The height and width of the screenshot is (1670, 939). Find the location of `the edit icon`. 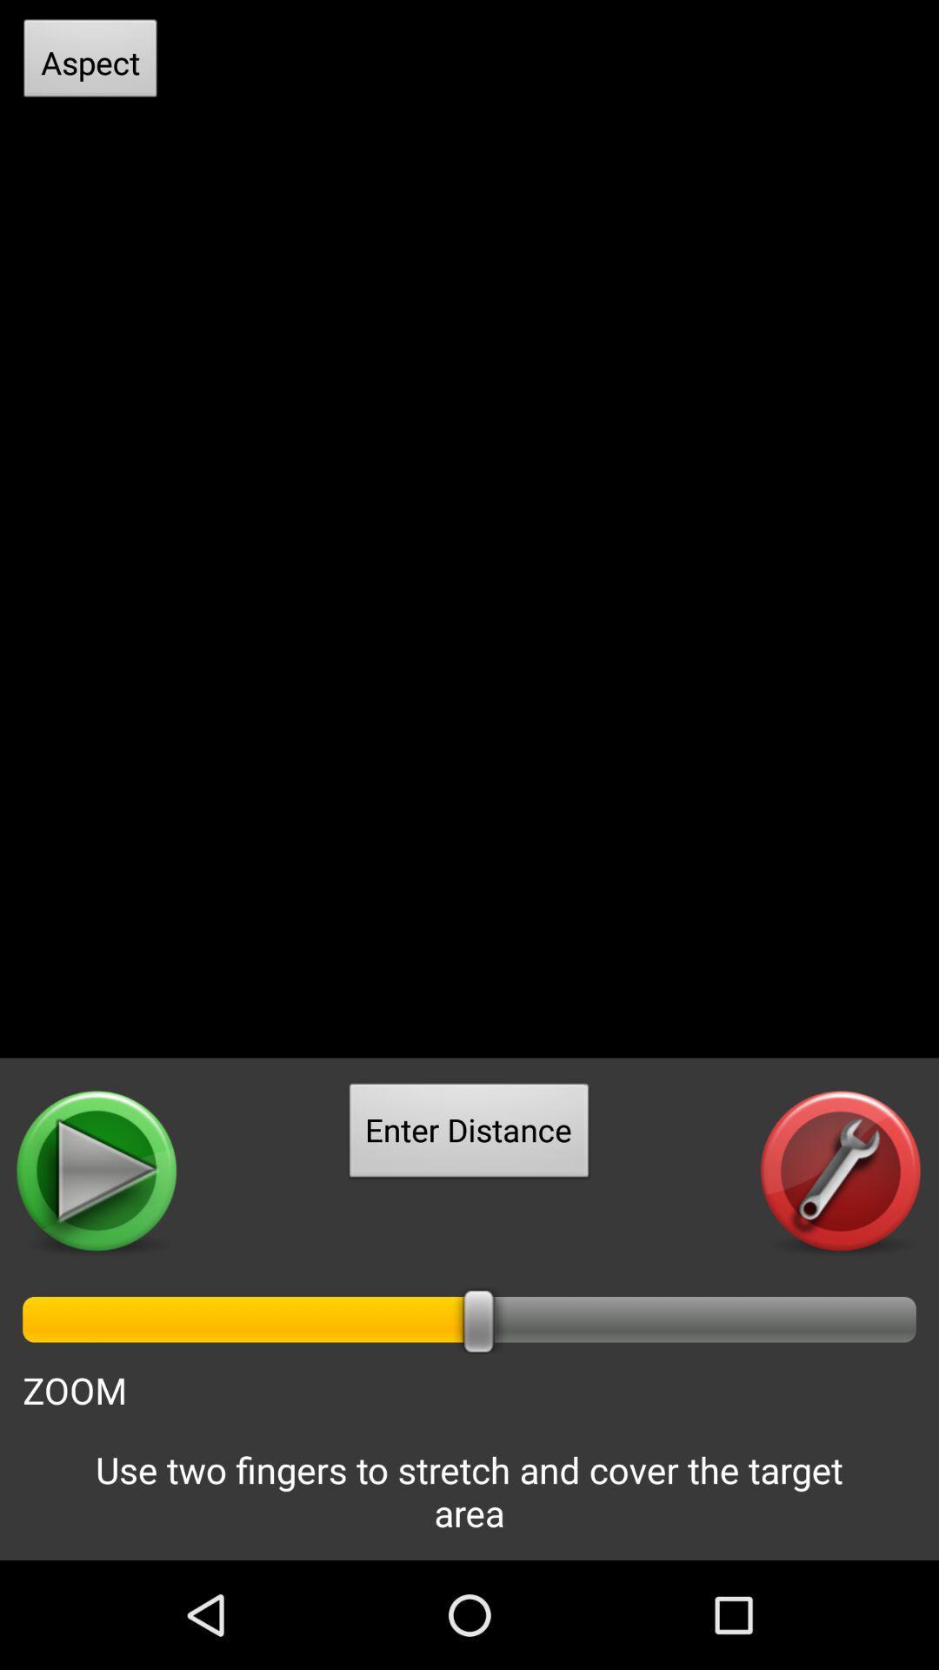

the edit icon is located at coordinates (840, 1254).